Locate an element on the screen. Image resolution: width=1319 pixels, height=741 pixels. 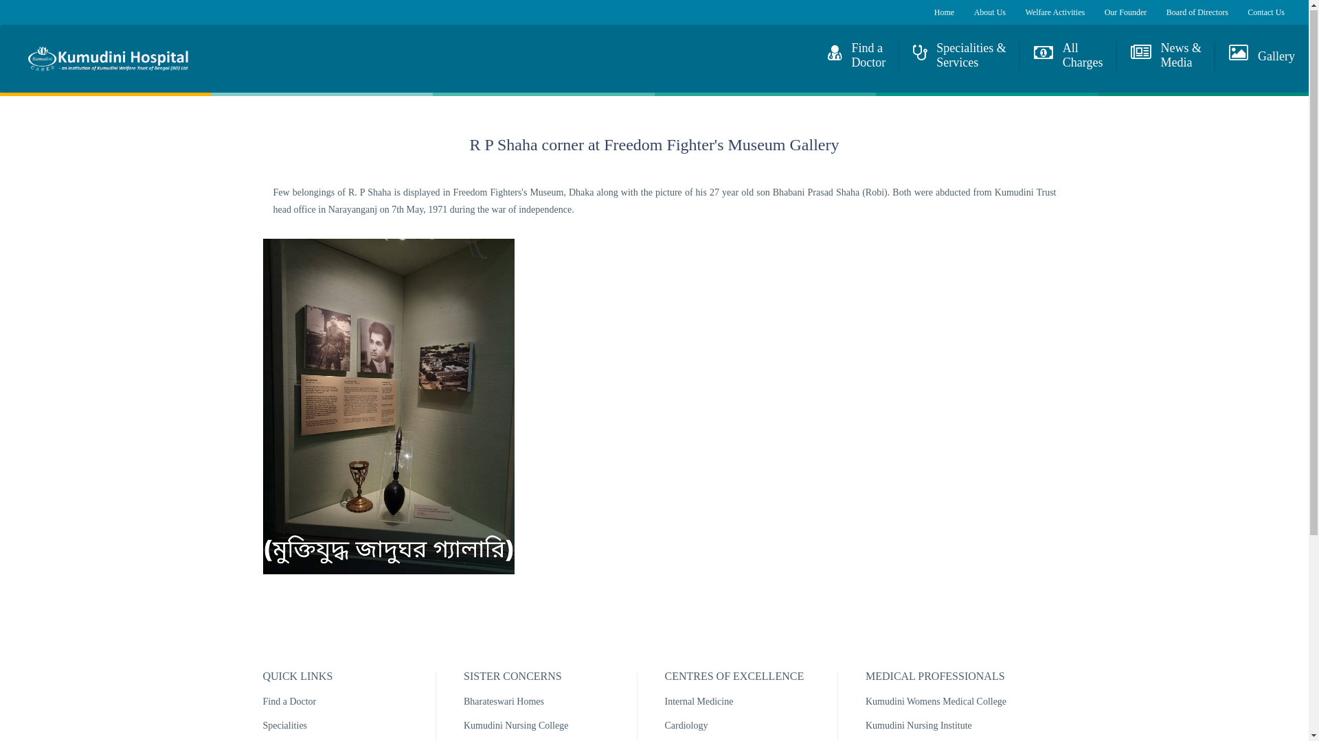
'Home' is located at coordinates (943, 13).